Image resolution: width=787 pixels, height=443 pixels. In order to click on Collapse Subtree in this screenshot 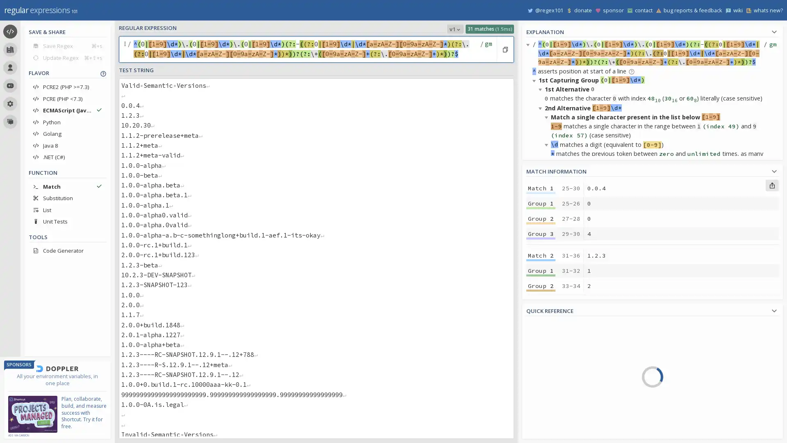, I will do `click(548, 348)`.